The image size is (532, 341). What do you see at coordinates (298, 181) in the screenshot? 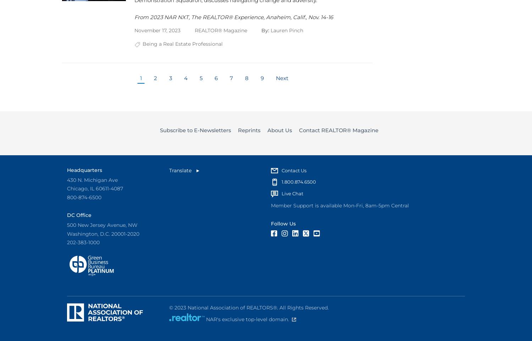
I see `'1.800.874.6500'` at bounding box center [298, 181].